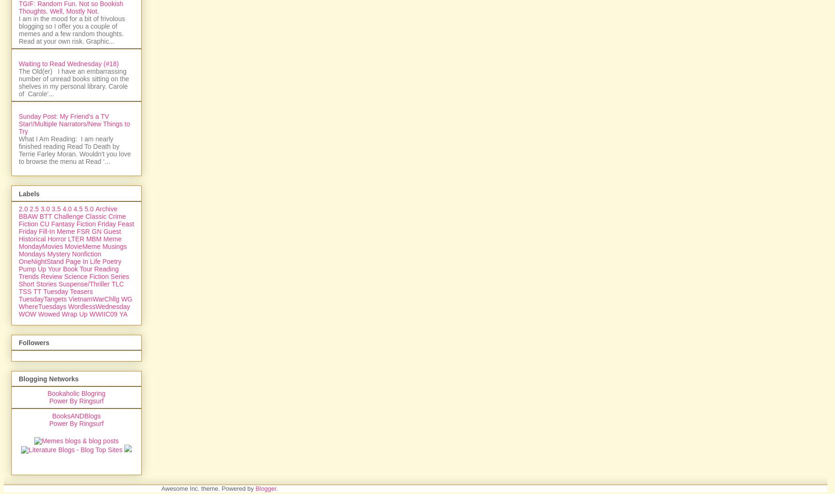 Image resolution: width=835 pixels, height=494 pixels. Describe the element at coordinates (33, 309) in the screenshot. I see `'2.5'` at that location.